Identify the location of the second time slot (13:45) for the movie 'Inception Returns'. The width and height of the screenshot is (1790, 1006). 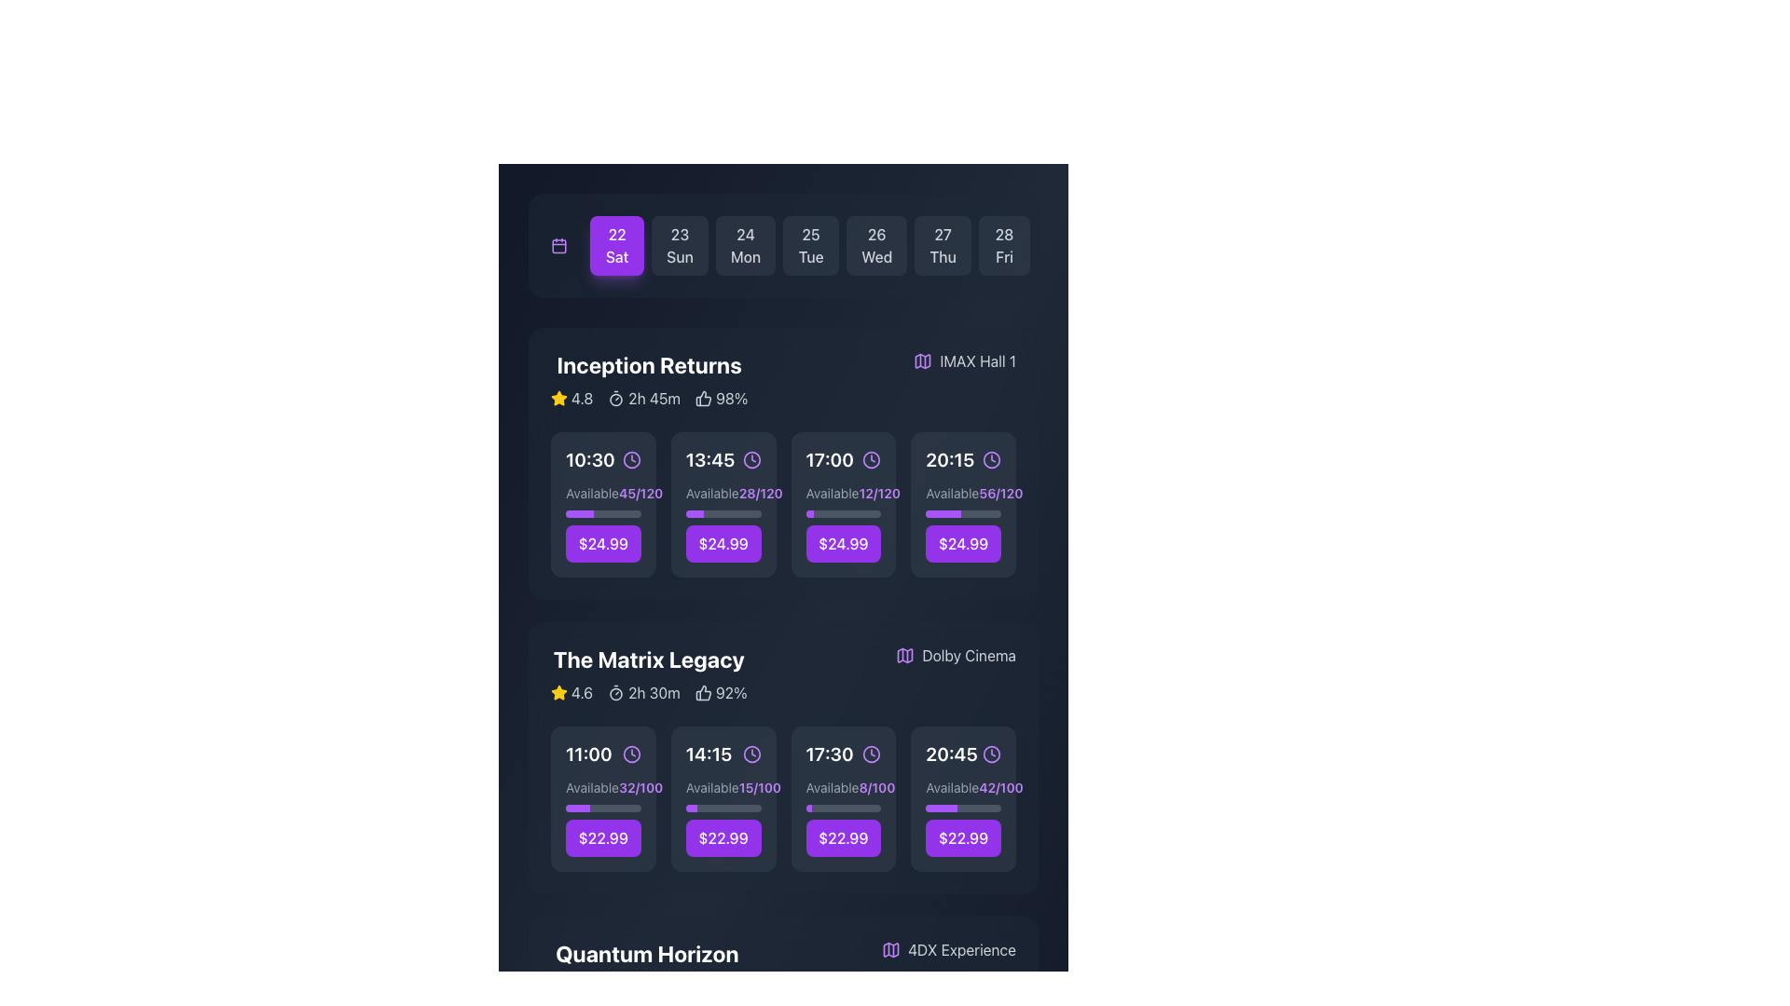
(723, 459).